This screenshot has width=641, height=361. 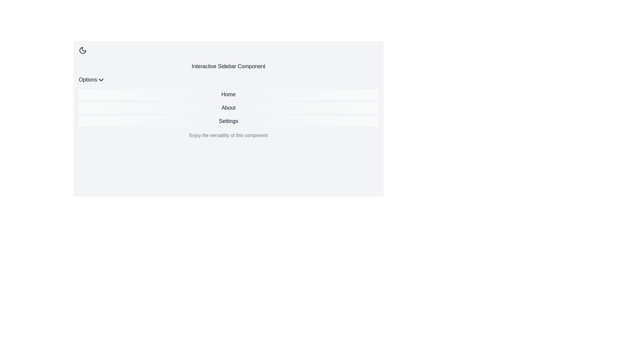 I want to click on the 'Home' text label, so click(x=228, y=94).